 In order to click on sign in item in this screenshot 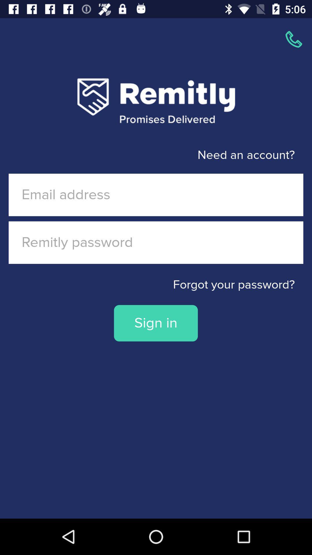, I will do `click(155, 323)`.